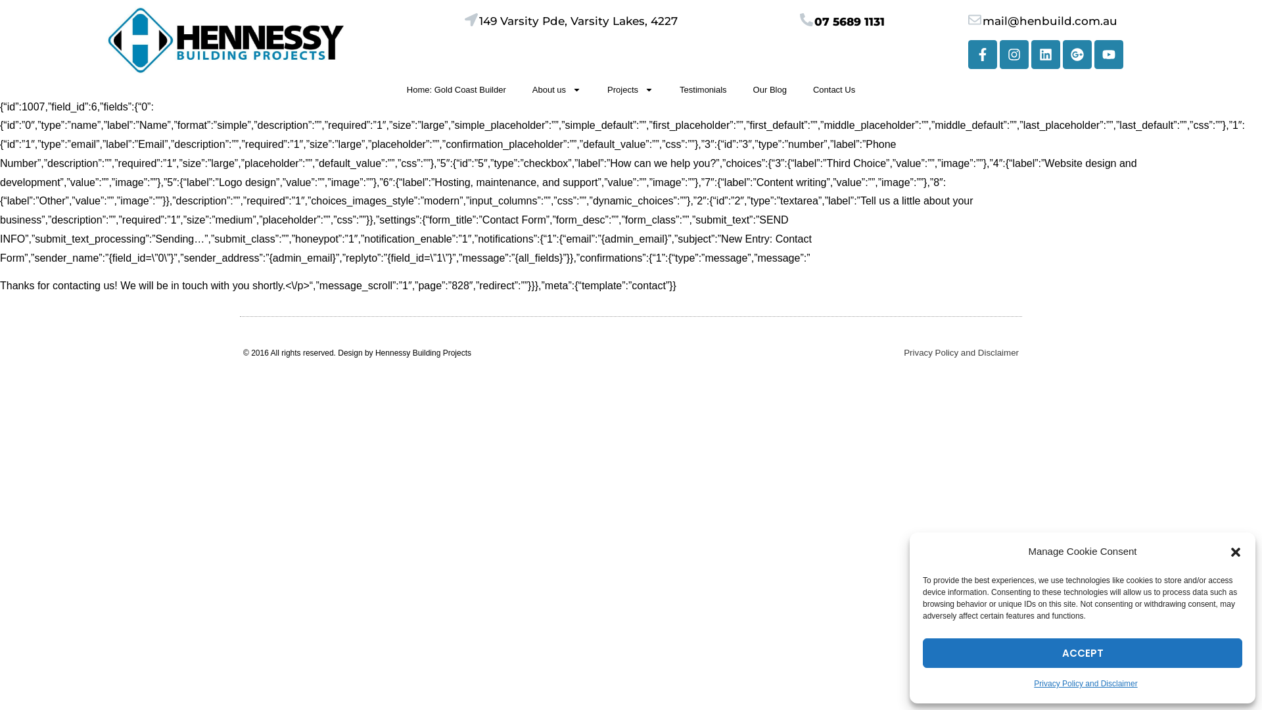  What do you see at coordinates (593, 89) in the screenshot?
I see `'Projects'` at bounding box center [593, 89].